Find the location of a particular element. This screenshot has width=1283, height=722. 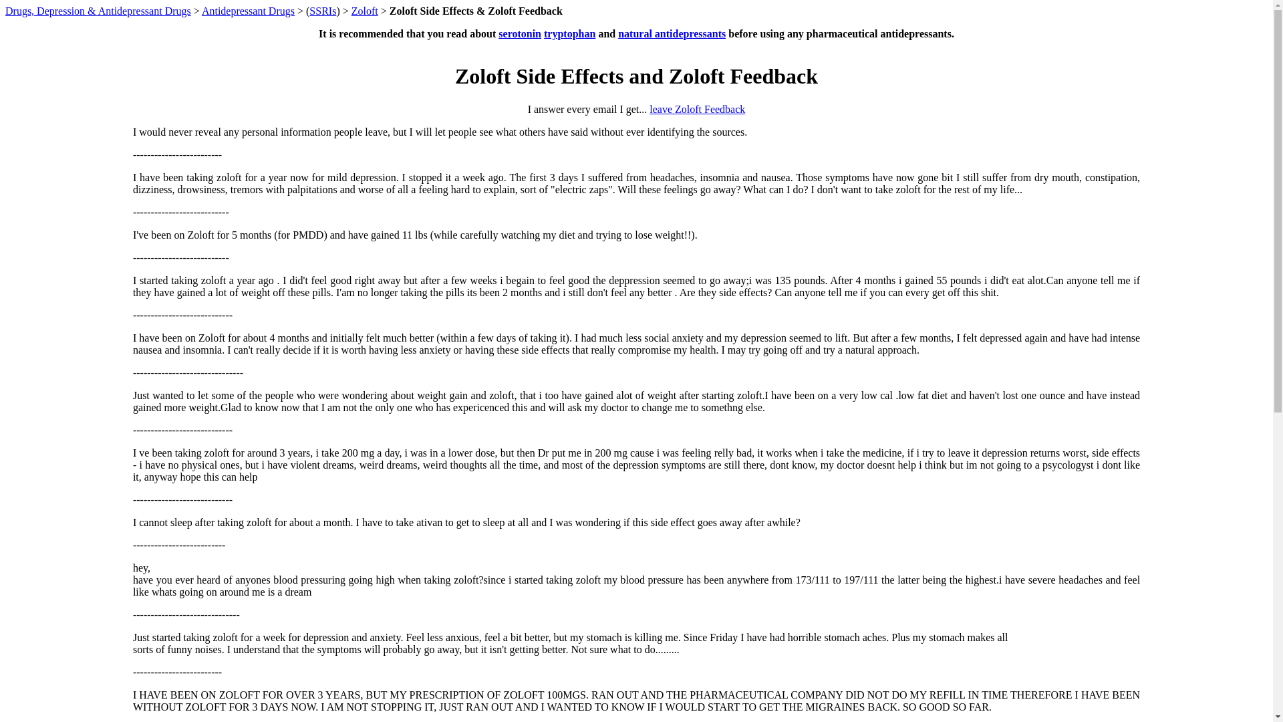

'SSRIs' is located at coordinates (323, 11).